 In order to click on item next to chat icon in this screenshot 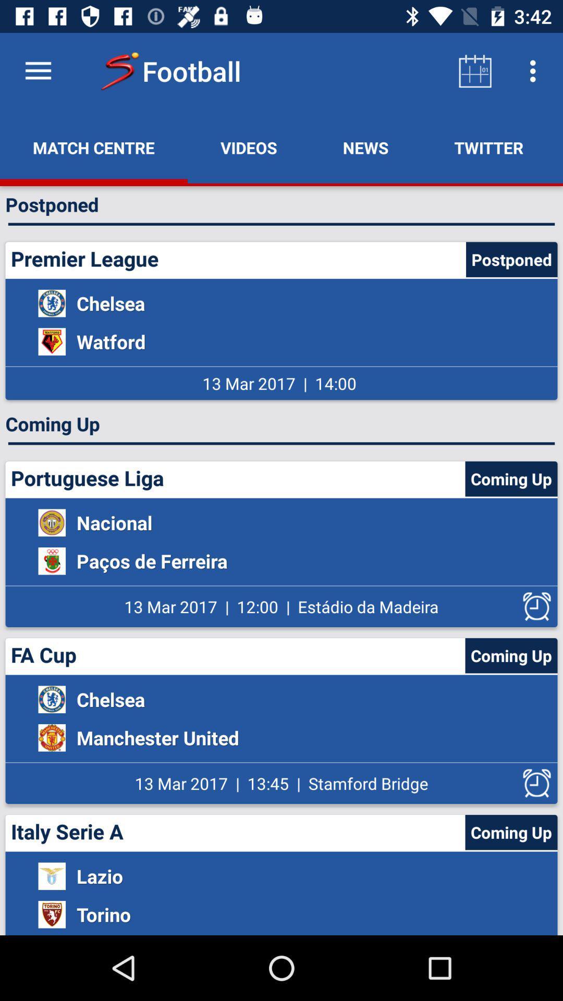, I will do `click(488, 147)`.